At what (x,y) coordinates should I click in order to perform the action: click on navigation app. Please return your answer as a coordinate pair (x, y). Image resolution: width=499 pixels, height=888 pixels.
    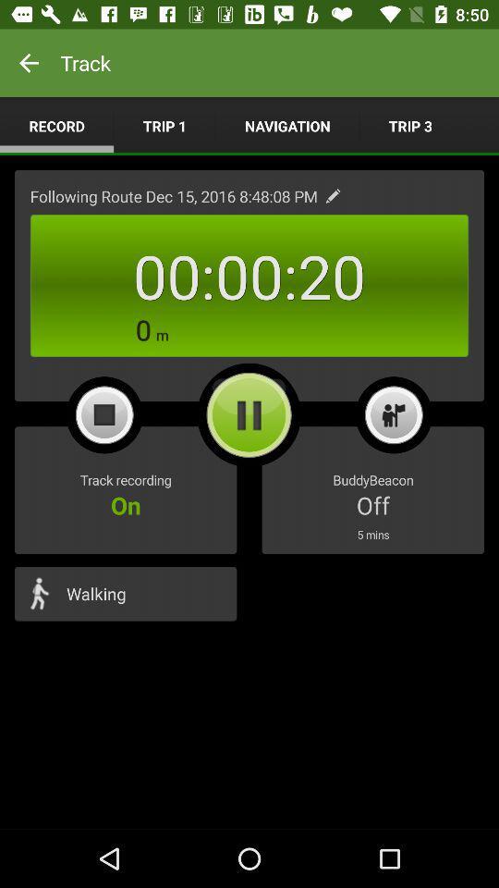
    Looking at the image, I should click on (287, 125).